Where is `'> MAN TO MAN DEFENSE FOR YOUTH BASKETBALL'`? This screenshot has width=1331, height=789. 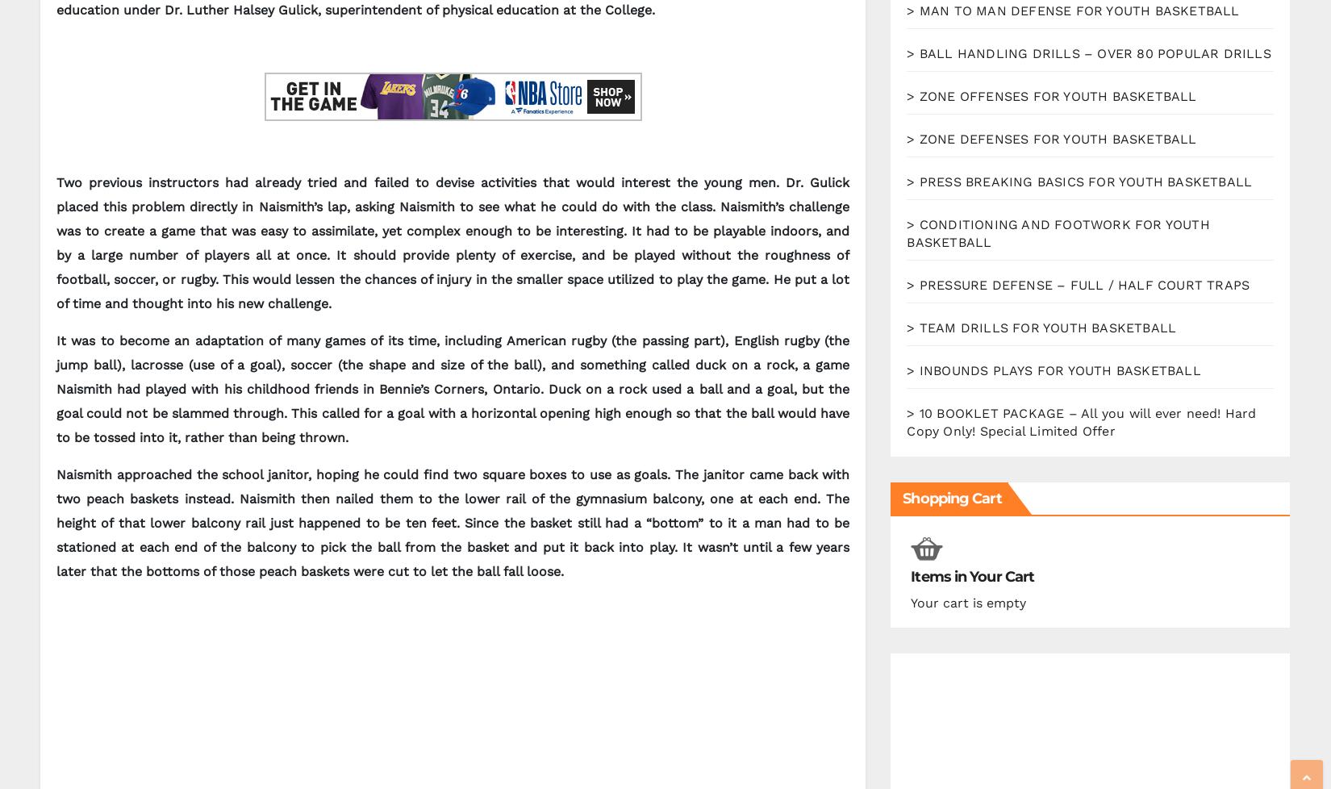
'> MAN TO MAN DEFENSE FOR YOUTH BASKETBALL' is located at coordinates (1072, 10).